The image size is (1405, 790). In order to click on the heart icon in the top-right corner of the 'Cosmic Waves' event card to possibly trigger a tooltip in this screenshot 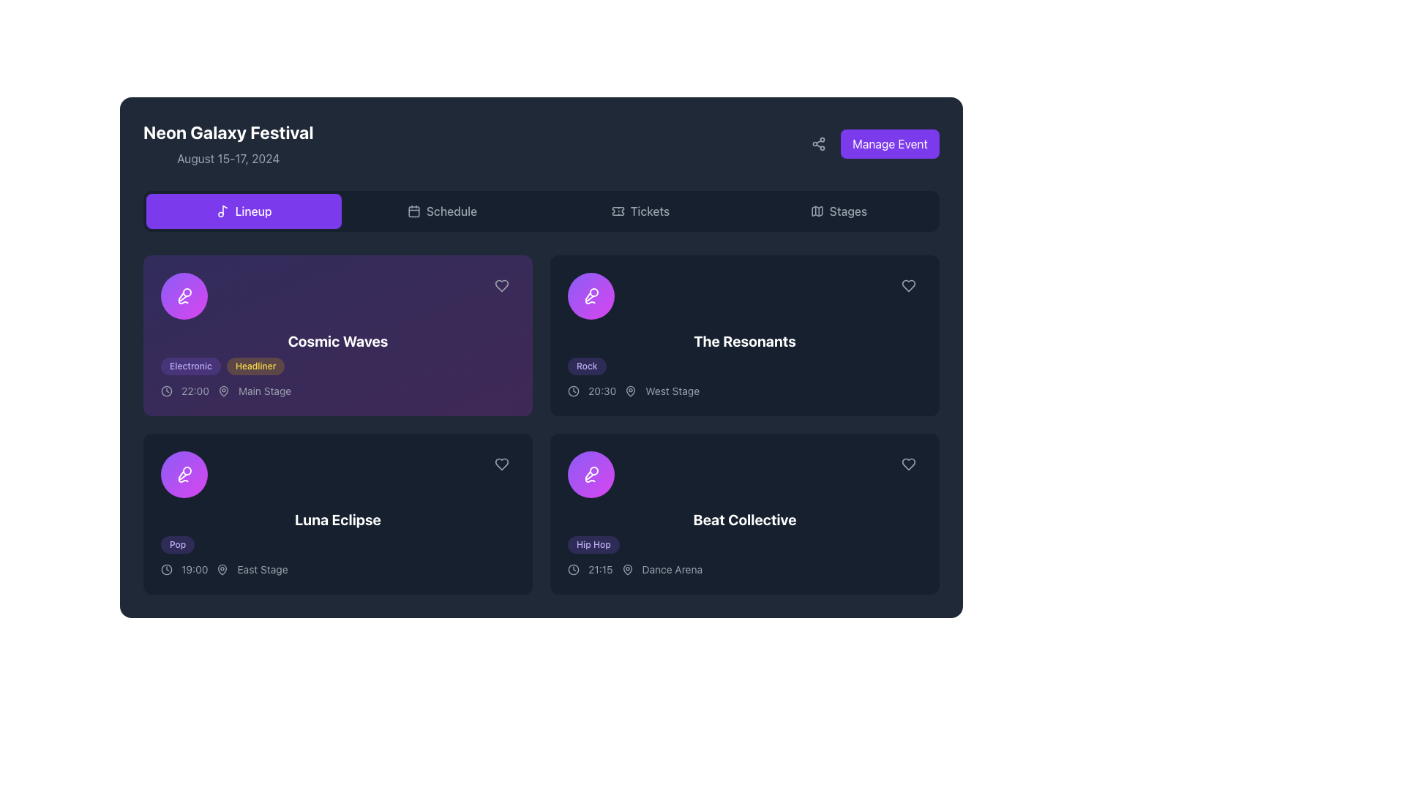, I will do `click(502, 285)`.